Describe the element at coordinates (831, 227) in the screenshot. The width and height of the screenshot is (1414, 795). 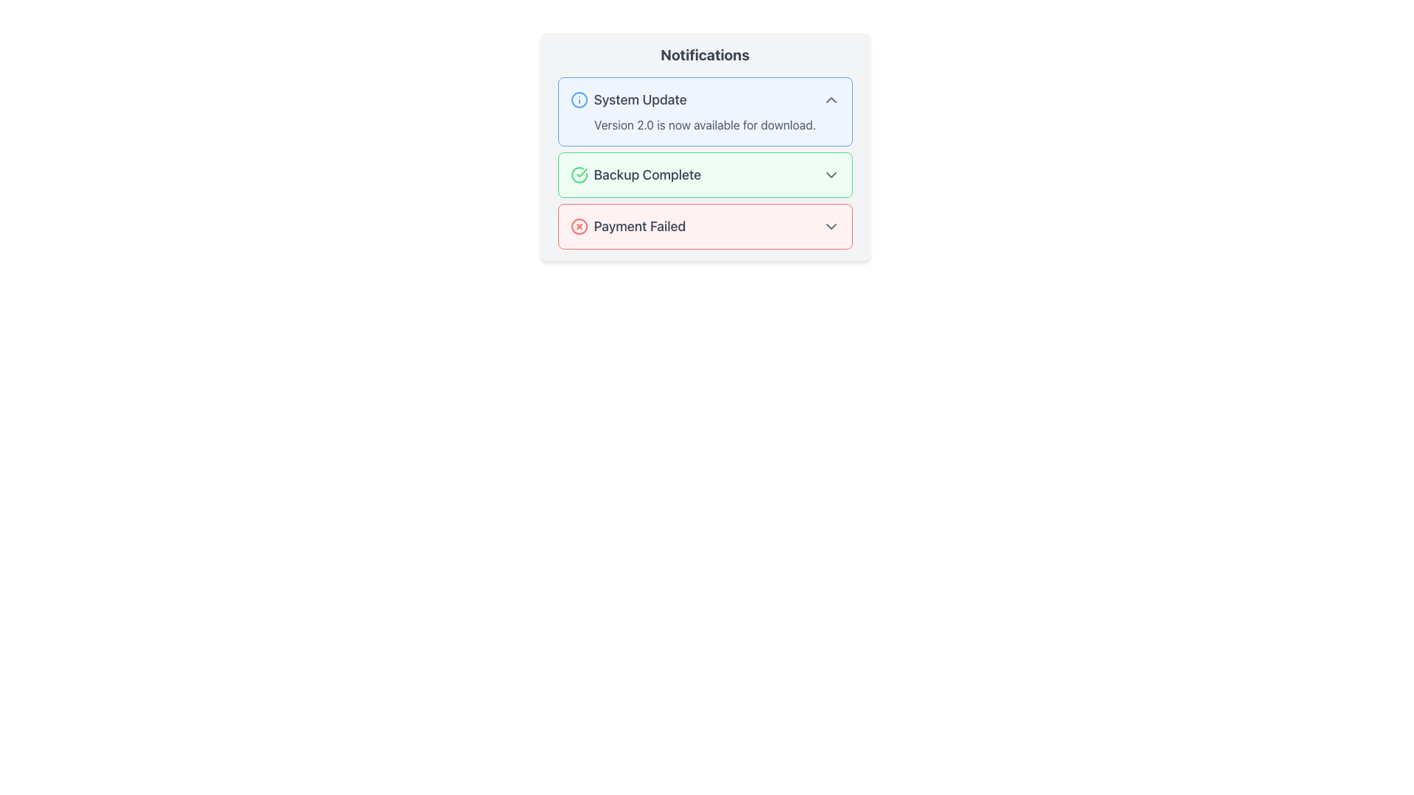
I see `the downward-pointing arrow icon (chevron) in the light red box labeled 'Payment Failed'` at that location.